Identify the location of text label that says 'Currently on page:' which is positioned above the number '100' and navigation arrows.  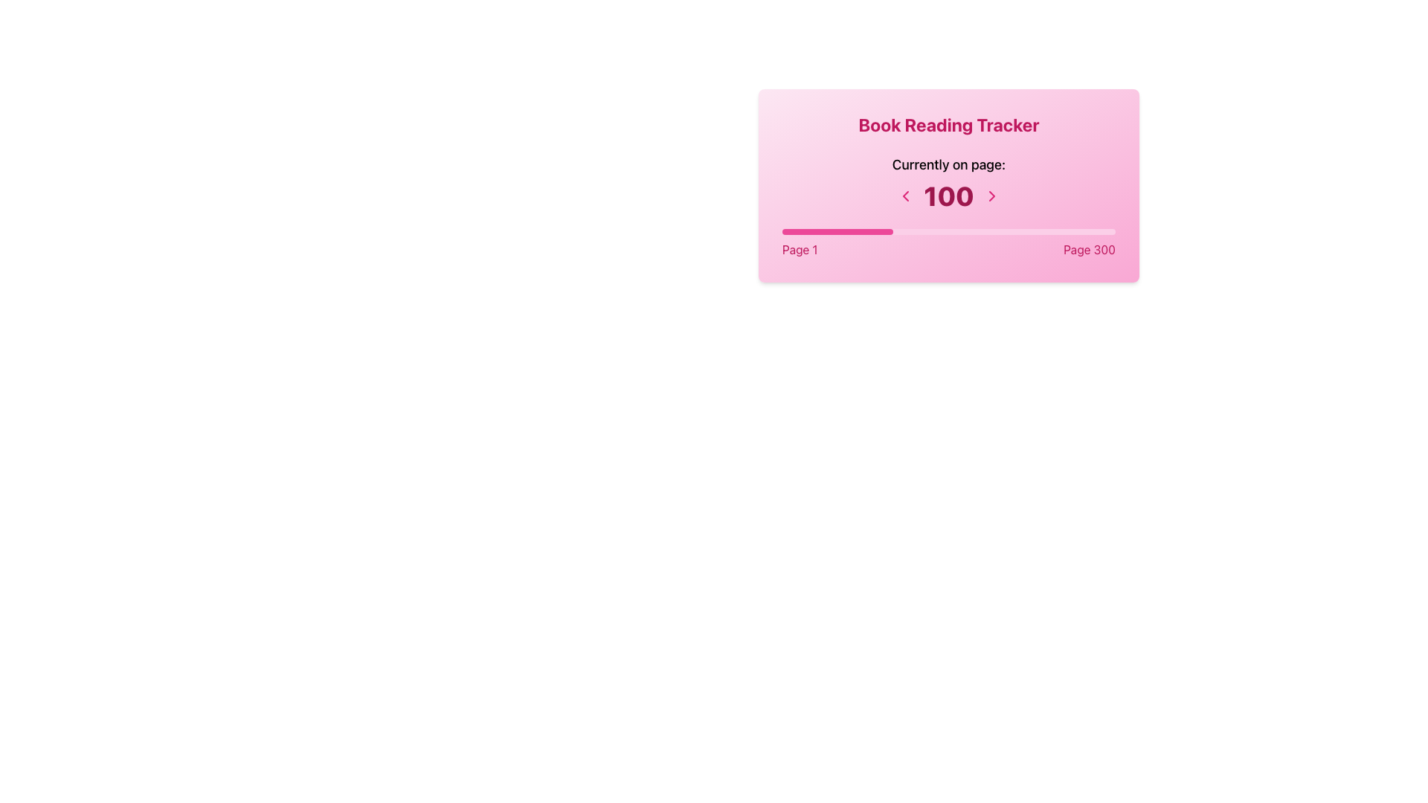
(948, 165).